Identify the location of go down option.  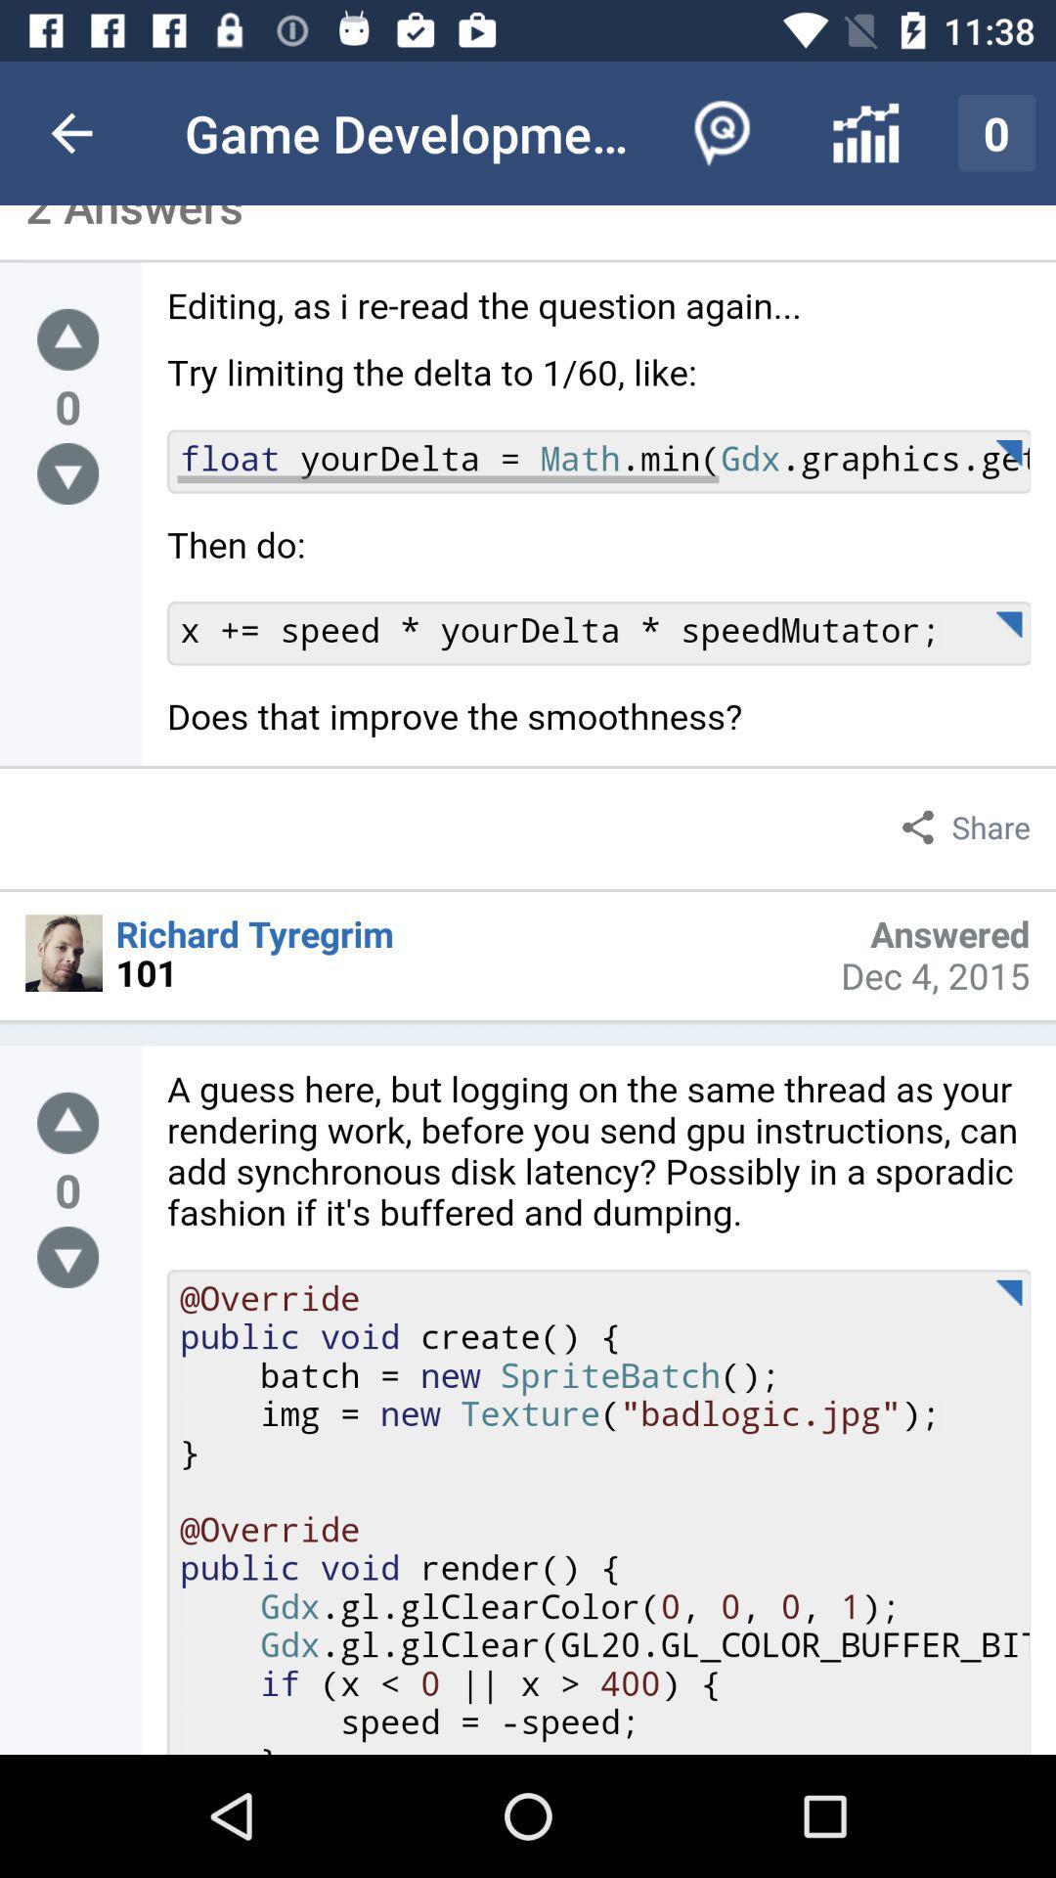
(66, 1257).